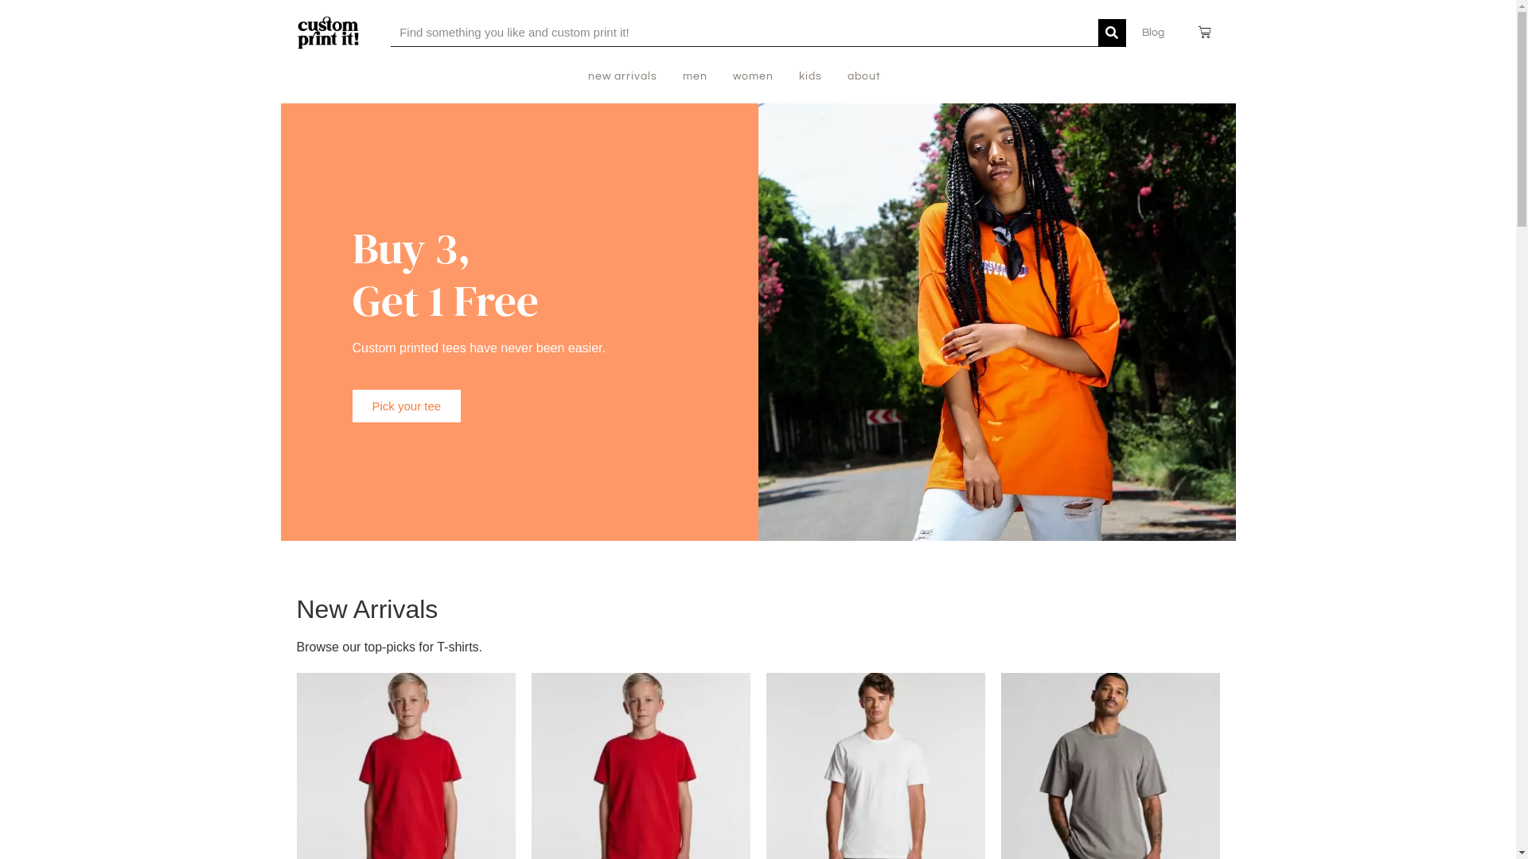  Describe the element at coordinates (622, 76) in the screenshot. I see `'new arrivals'` at that location.